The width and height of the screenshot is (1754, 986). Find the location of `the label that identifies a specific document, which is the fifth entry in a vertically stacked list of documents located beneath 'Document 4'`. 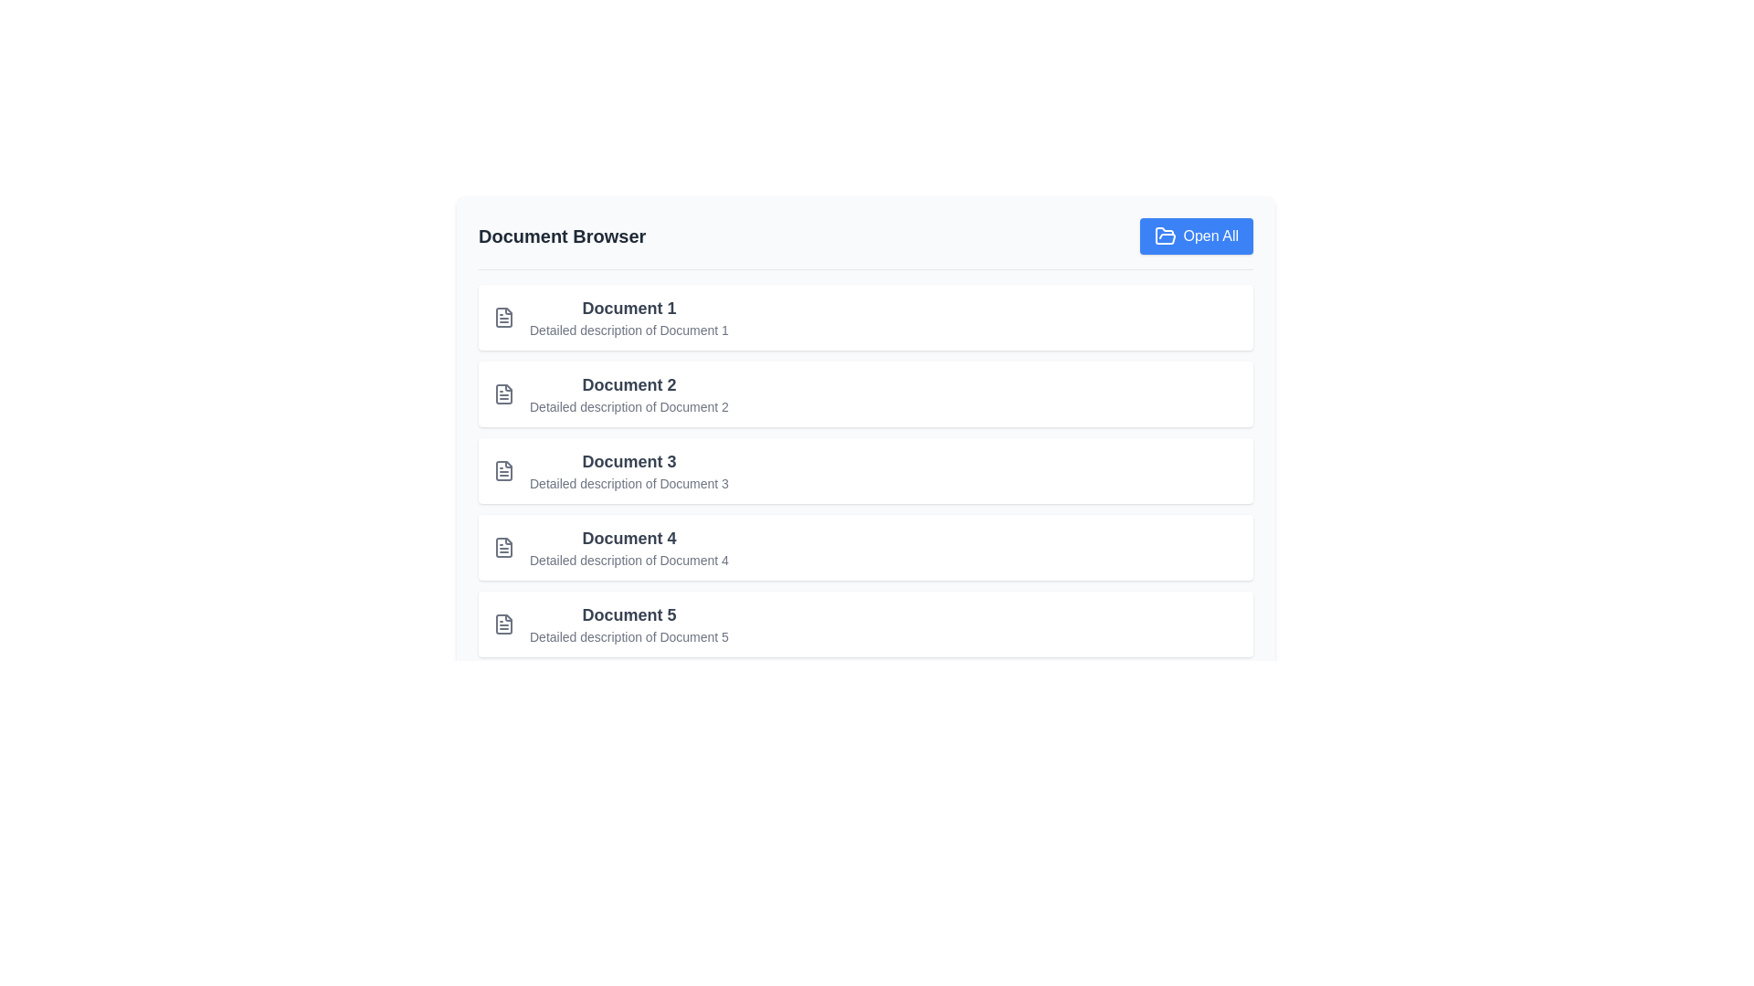

the label that identifies a specific document, which is the fifth entry in a vertically stacked list of documents located beneath 'Document 4' is located at coordinates (629, 623).